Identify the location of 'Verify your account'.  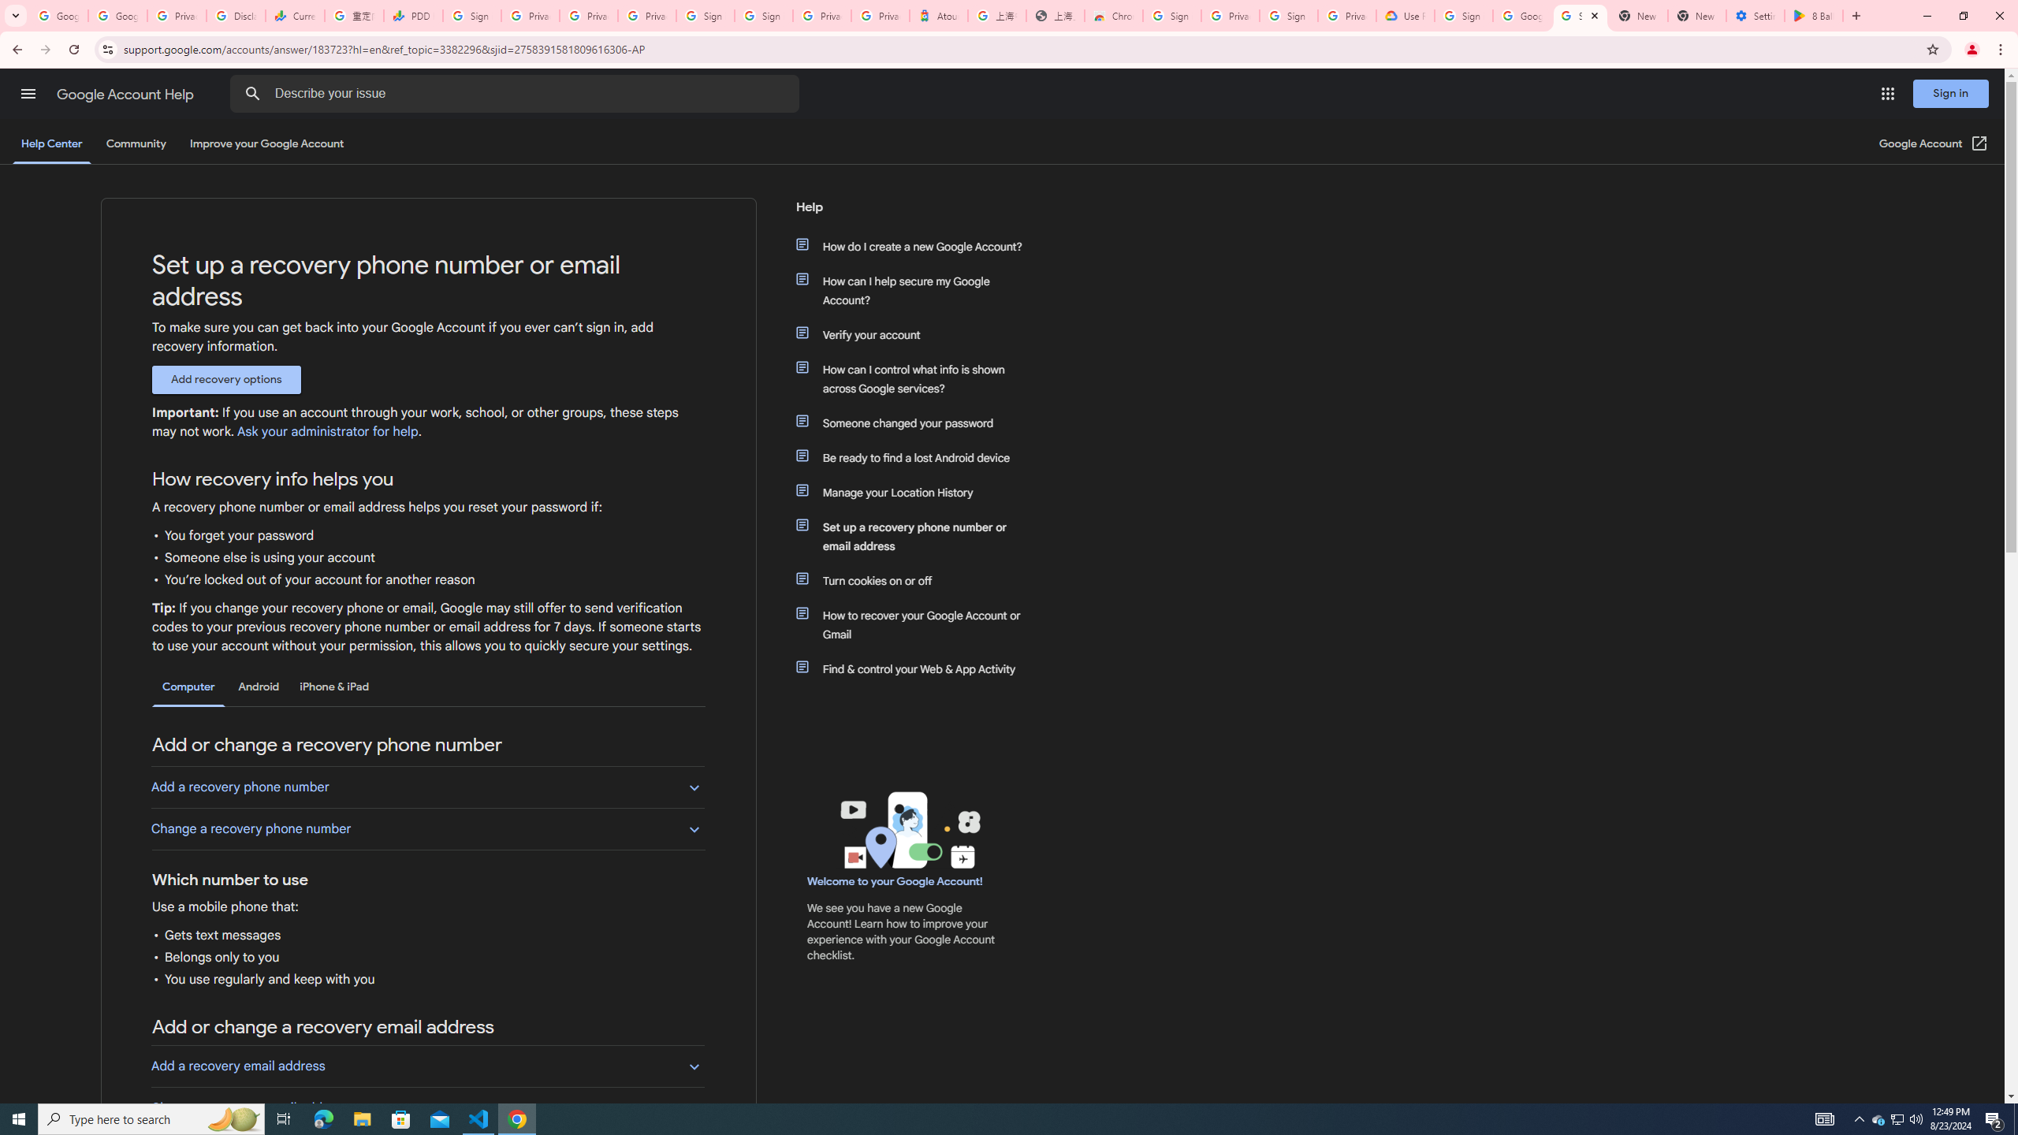
(916, 334).